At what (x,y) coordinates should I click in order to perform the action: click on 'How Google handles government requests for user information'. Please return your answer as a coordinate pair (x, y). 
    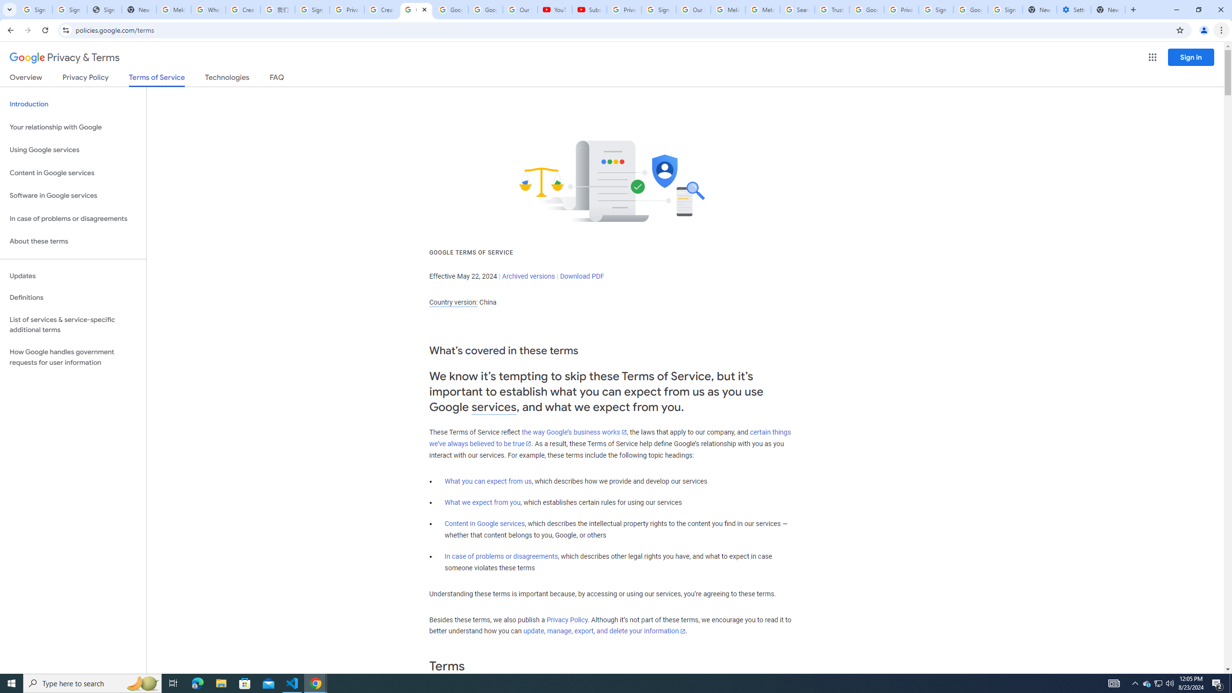
    Looking at the image, I should click on (73, 357).